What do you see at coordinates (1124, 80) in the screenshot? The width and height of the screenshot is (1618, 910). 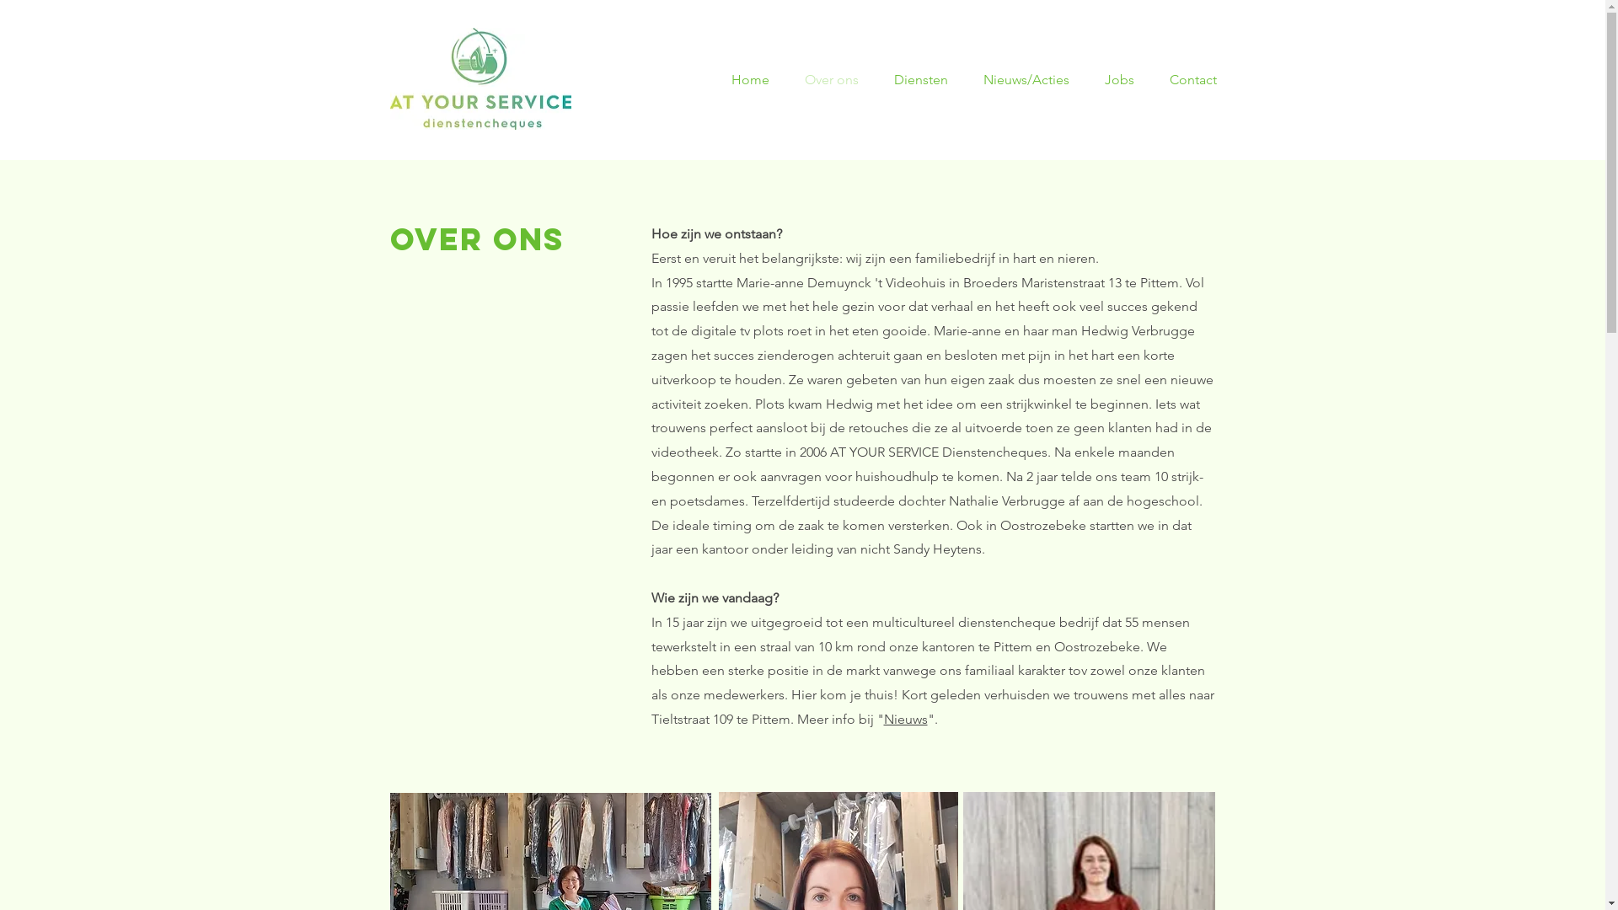 I see `'Jobs'` at bounding box center [1124, 80].